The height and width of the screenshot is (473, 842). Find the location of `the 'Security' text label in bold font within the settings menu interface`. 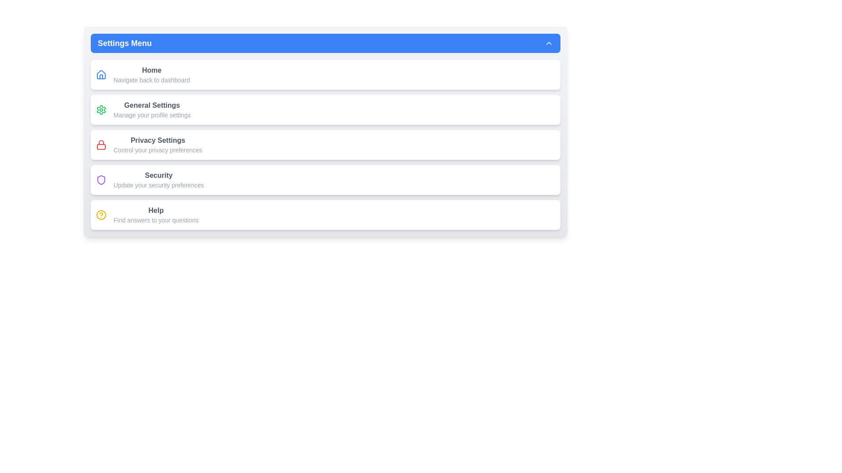

the 'Security' text label in bold font within the settings menu interface is located at coordinates (159, 176).